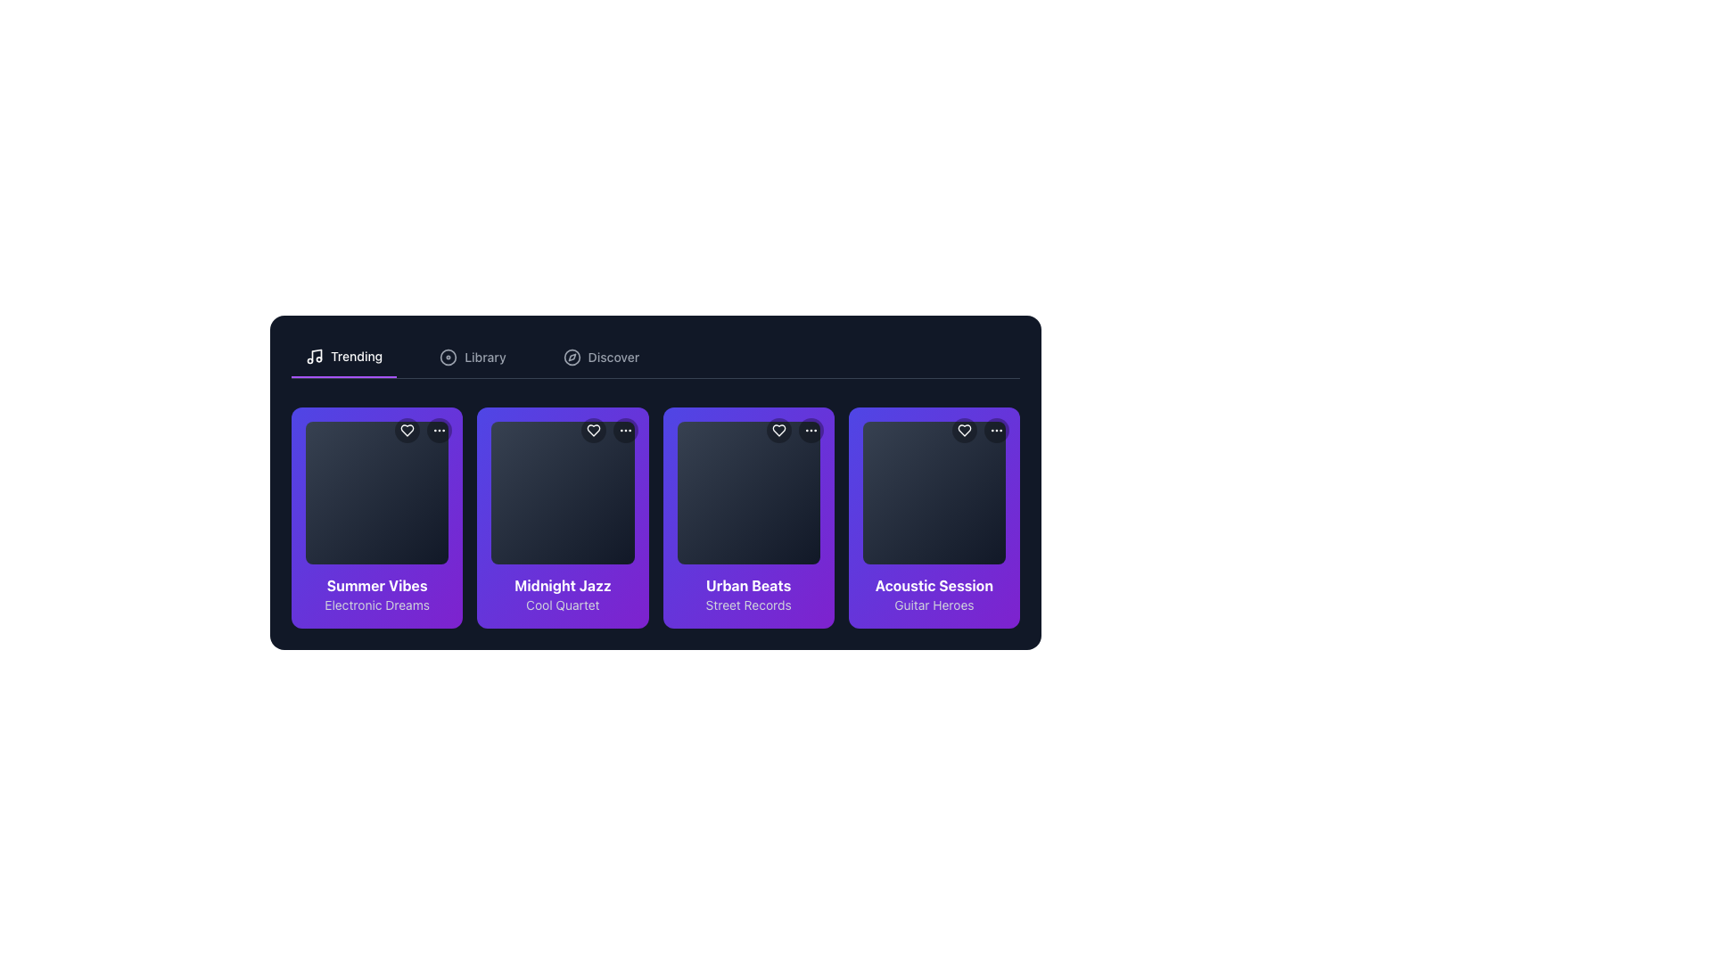  I want to click on the text display element that serves as a label for the title and subtitle of a music album or playlist, located at the bottom of the third card from the left in a row of four cards, so click(748, 595).